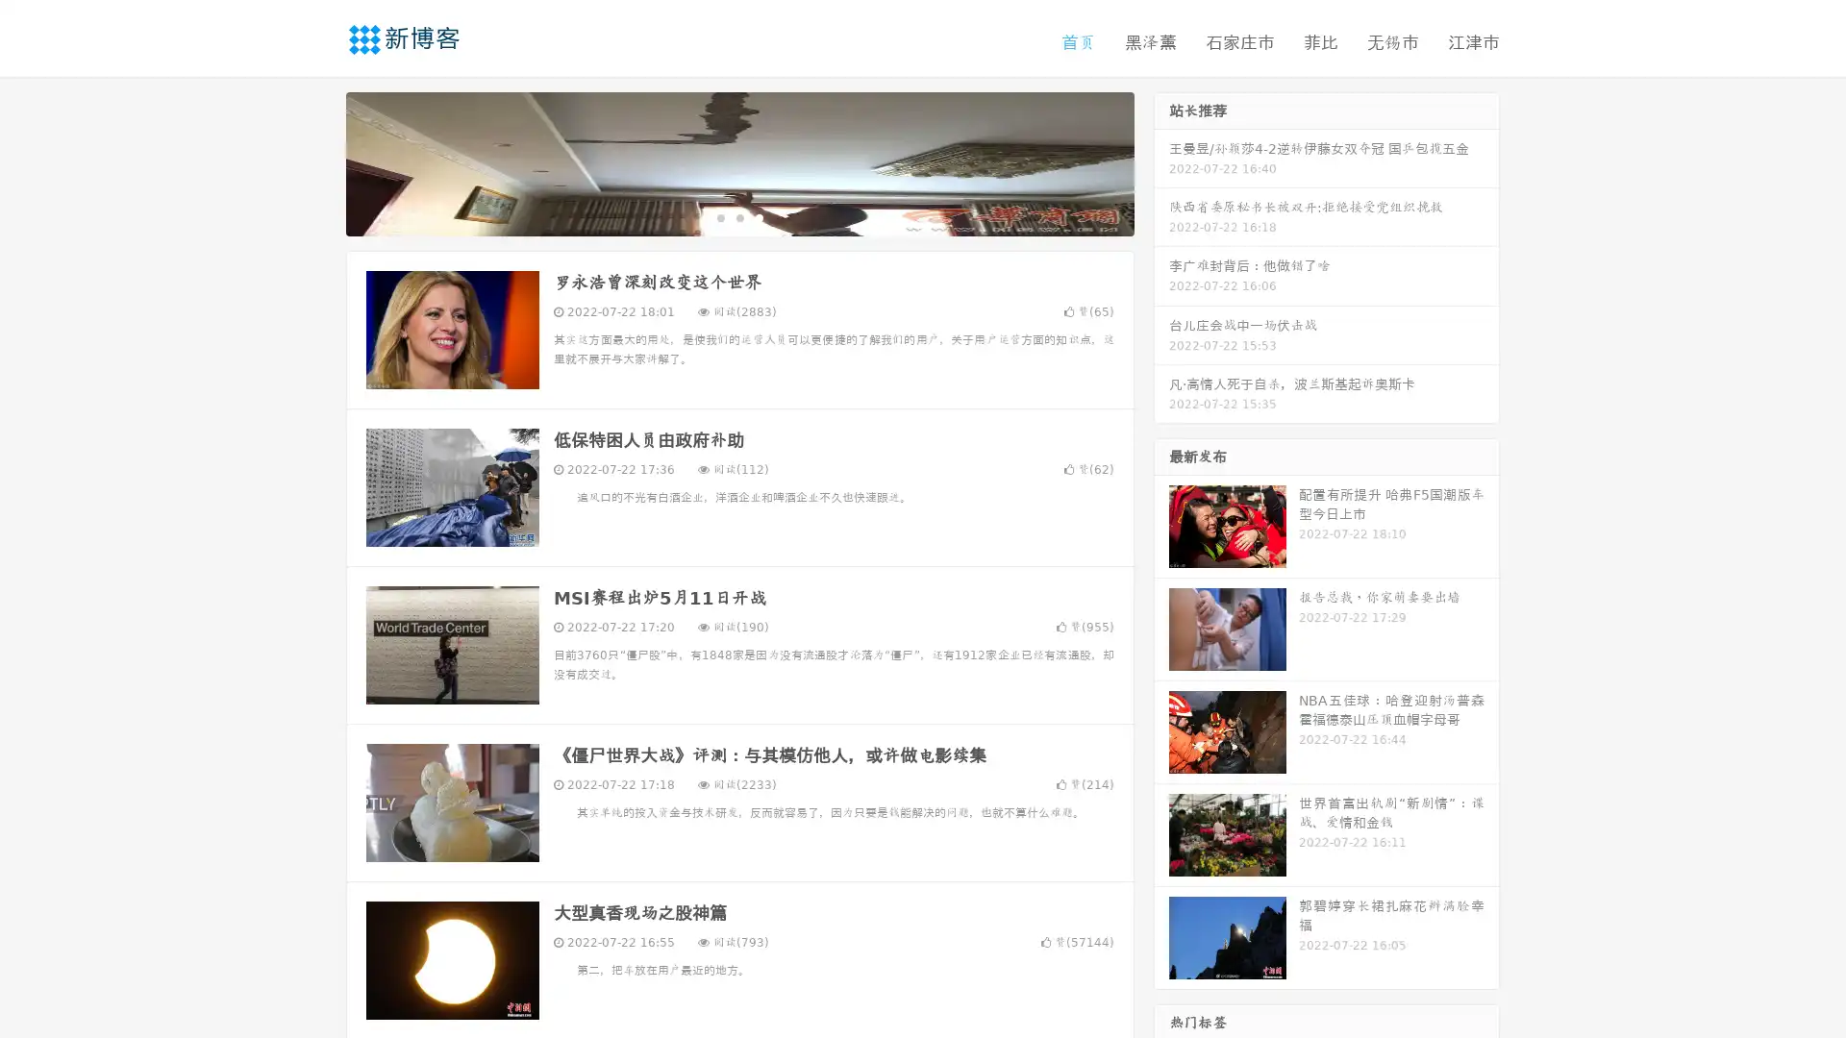 The height and width of the screenshot is (1038, 1846). What do you see at coordinates (317, 161) in the screenshot?
I see `Previous slide` at bounding box center [317, 161].